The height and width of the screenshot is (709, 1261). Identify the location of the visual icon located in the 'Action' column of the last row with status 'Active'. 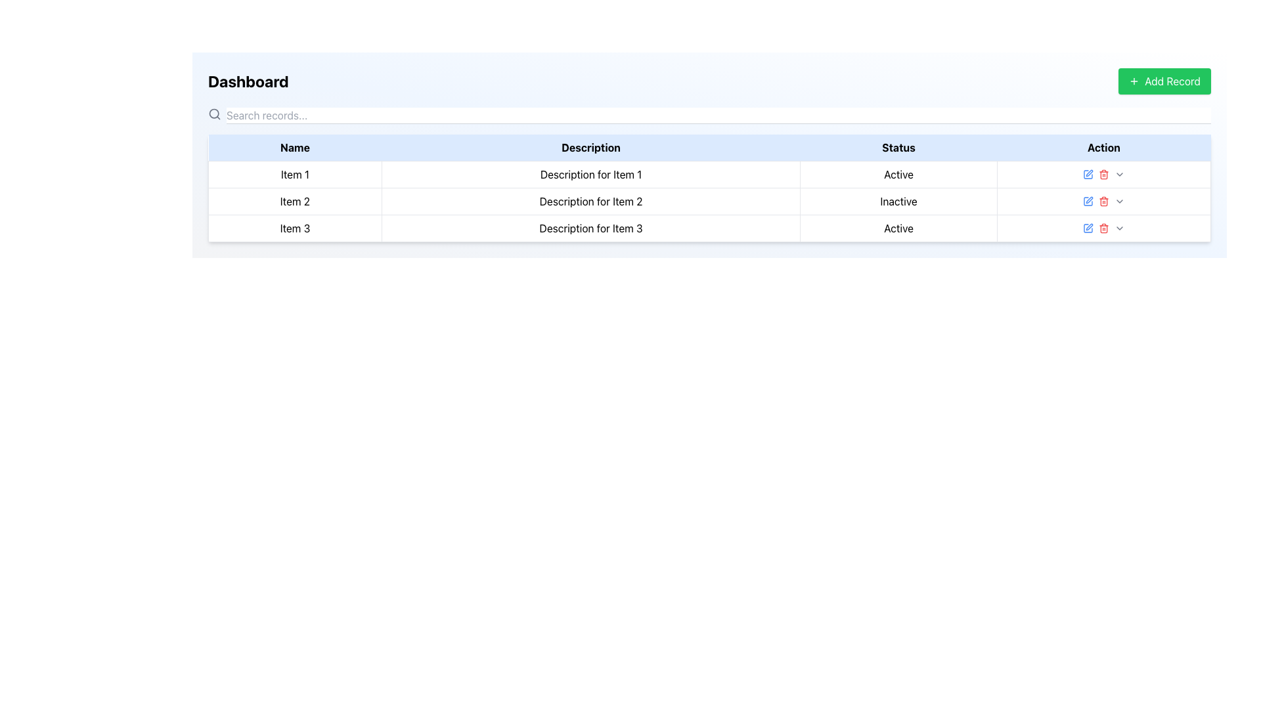
(1088, 174).